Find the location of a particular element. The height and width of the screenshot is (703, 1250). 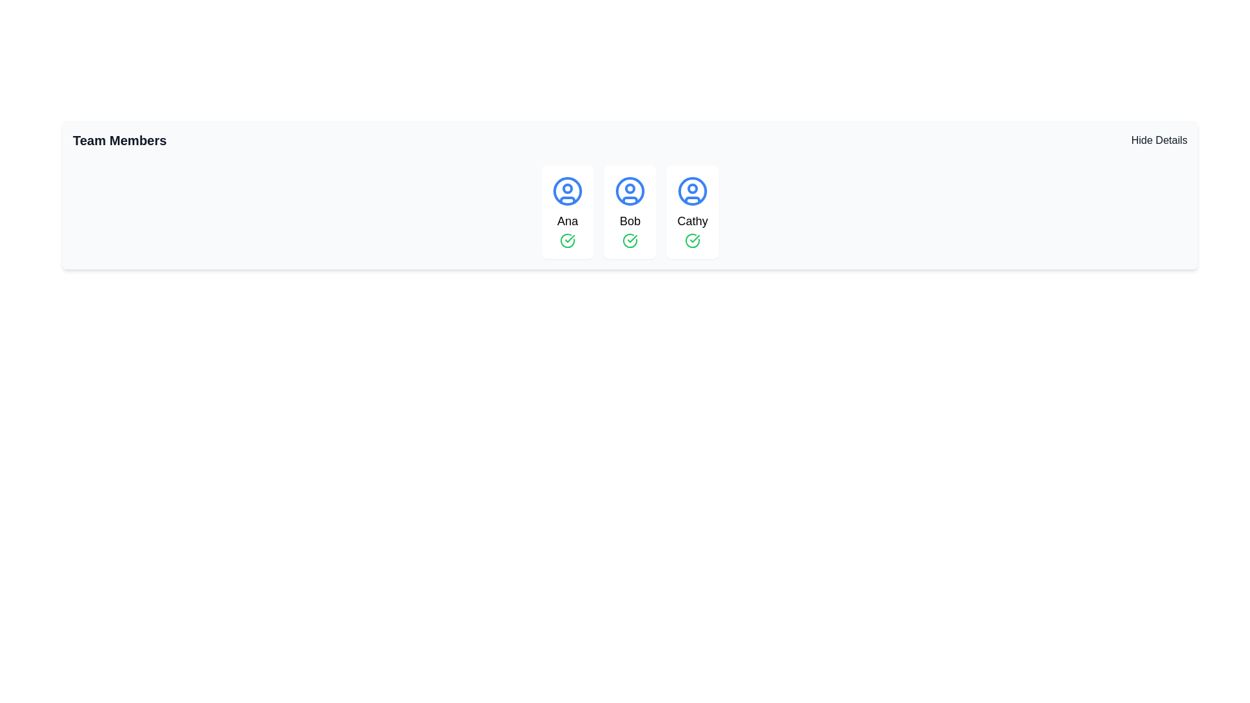

the blue circular graphical element representing user Cathy, located in the third column of the user listing is located at coordinates (692, 191).